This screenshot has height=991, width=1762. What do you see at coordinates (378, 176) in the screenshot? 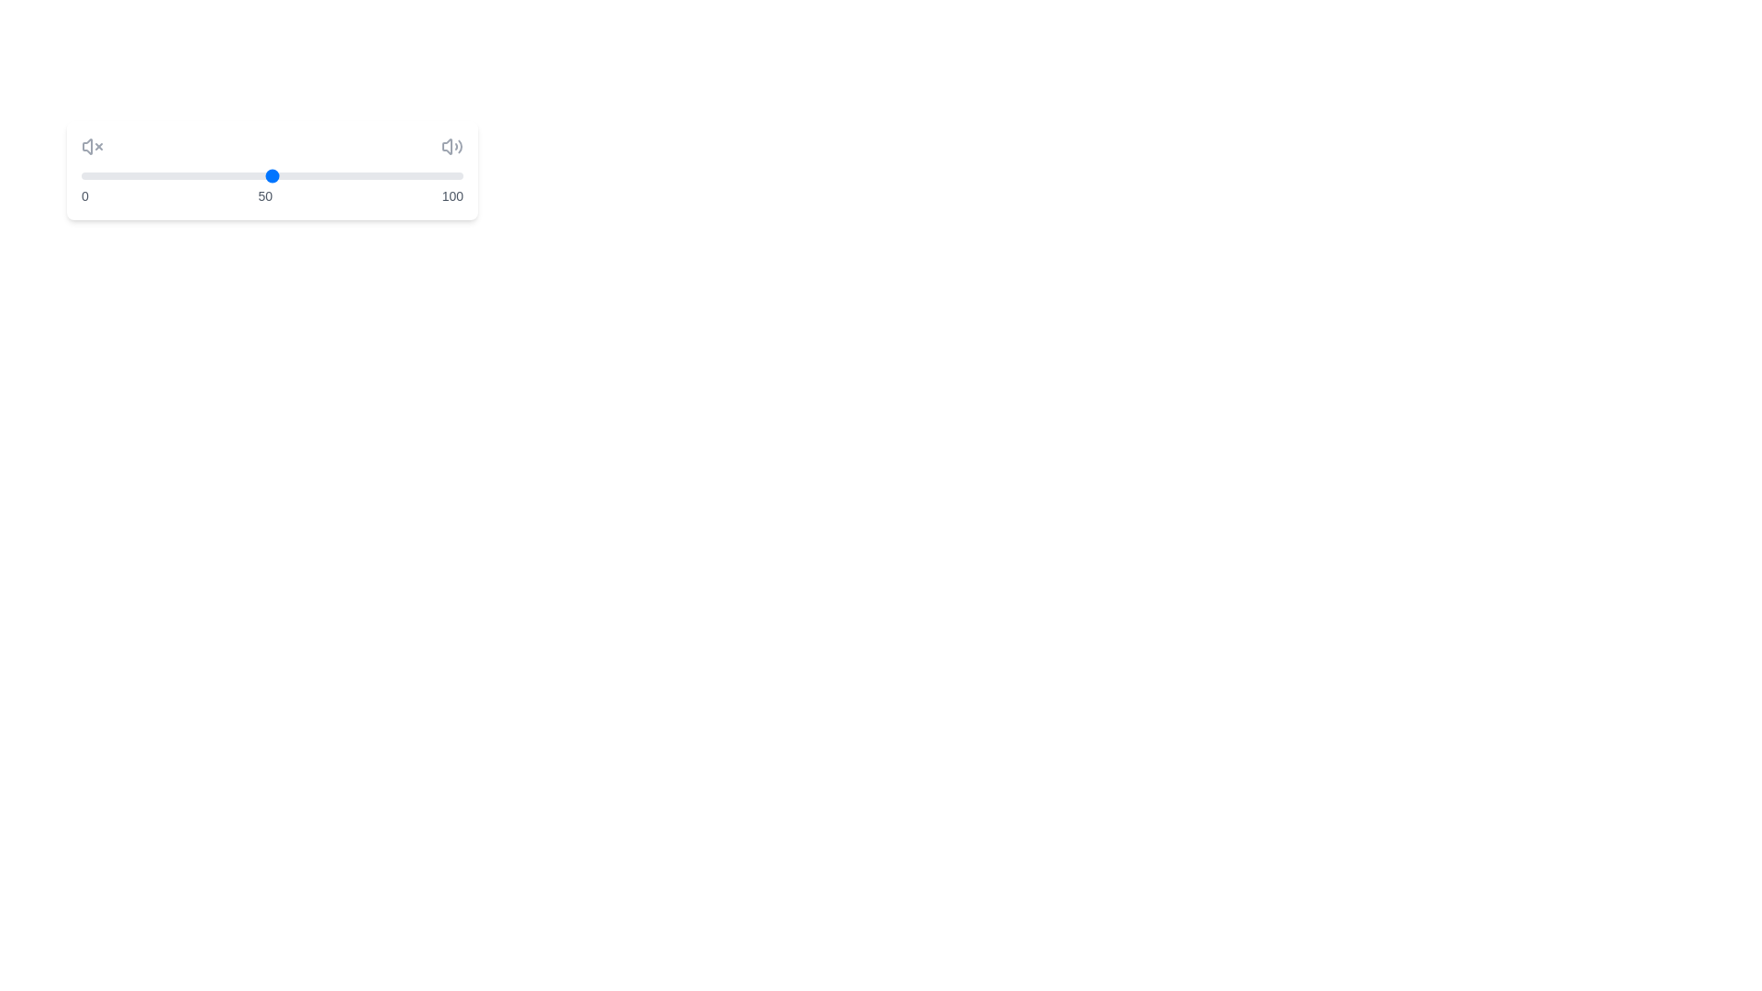
I see `the slider to set the volume to 78%` at bounding box center [378, 176].